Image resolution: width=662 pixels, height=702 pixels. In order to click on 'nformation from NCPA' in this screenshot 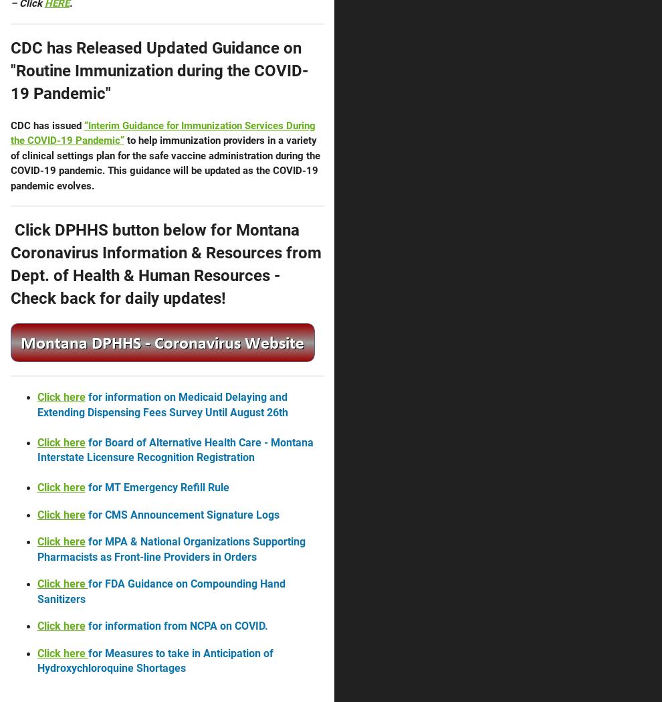, I will do `click(106, 626)`.